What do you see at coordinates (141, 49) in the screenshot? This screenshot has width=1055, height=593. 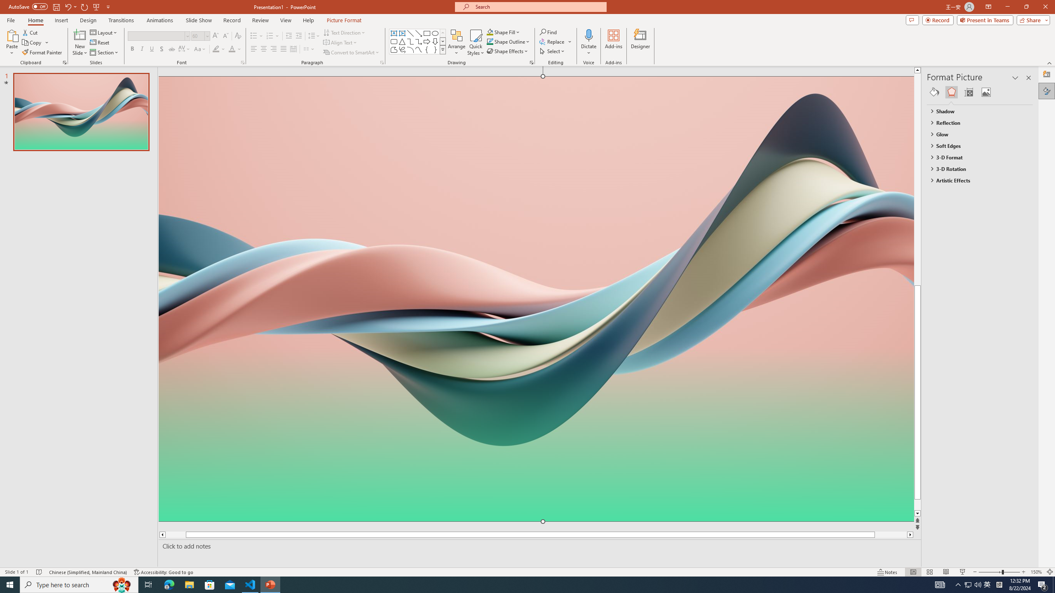 I see `'Italic'` at bounding box center [141, 49].